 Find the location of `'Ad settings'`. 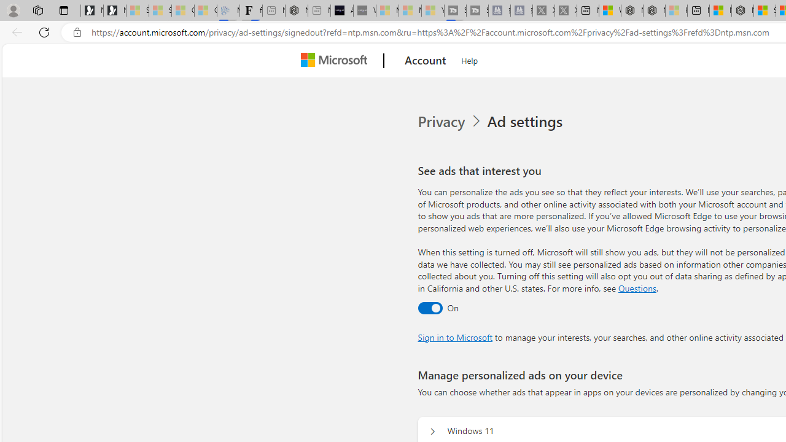

'Ad settings' is located at coordinates (527, 122).